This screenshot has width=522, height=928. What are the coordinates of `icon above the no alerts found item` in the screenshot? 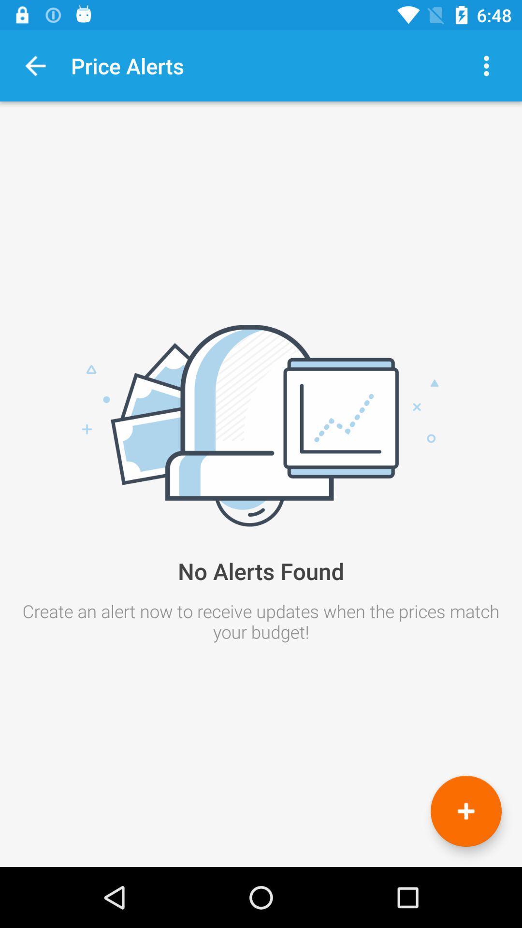 It's located at (486, 65).